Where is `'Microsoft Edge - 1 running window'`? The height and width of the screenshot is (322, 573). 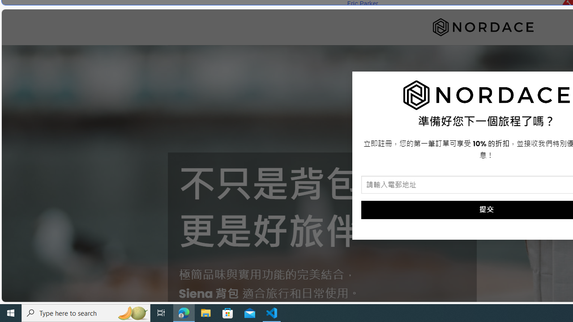 'Microsoft Edge - 1 running window' is located at coordinates (184, 312).